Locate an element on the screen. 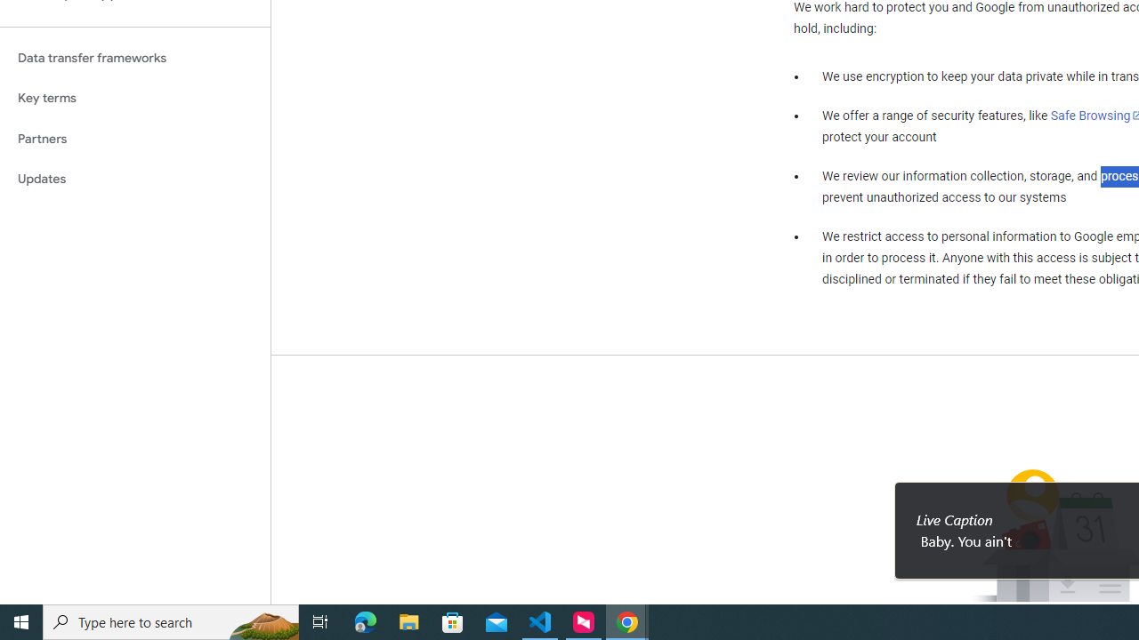 This screenshot has width=1139, height=640. 'Updates' is located at coordinates (134, 179).